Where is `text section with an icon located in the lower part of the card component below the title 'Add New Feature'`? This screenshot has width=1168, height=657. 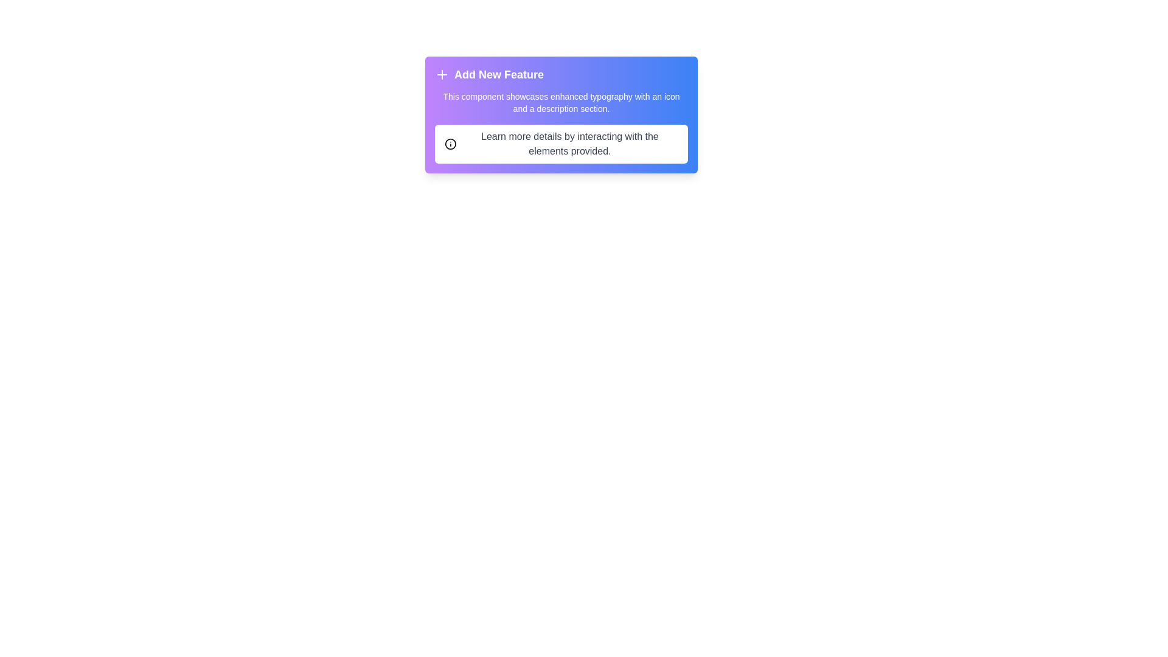
text section with an icon located in the lower part of the card component below the title 'Add New Feature' is located at coordinates (560, 143).